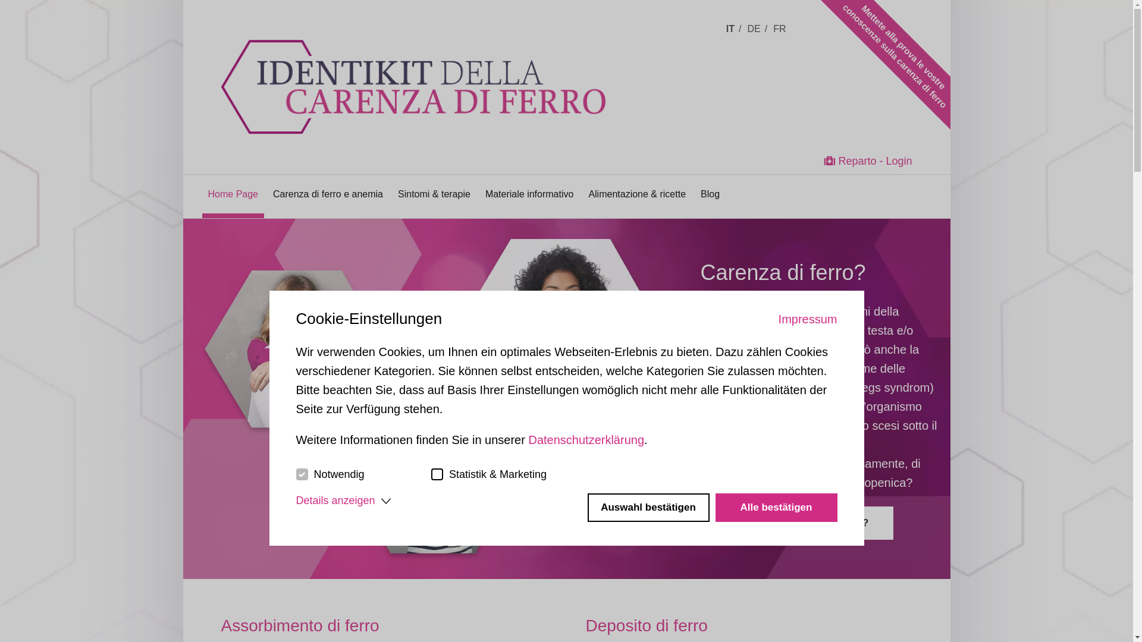 This screenshot has width=1142, height=642. What do you see at coordinates (782, 28) in the screenshot?
I see `'FR'` at bounding box center [782, 28].